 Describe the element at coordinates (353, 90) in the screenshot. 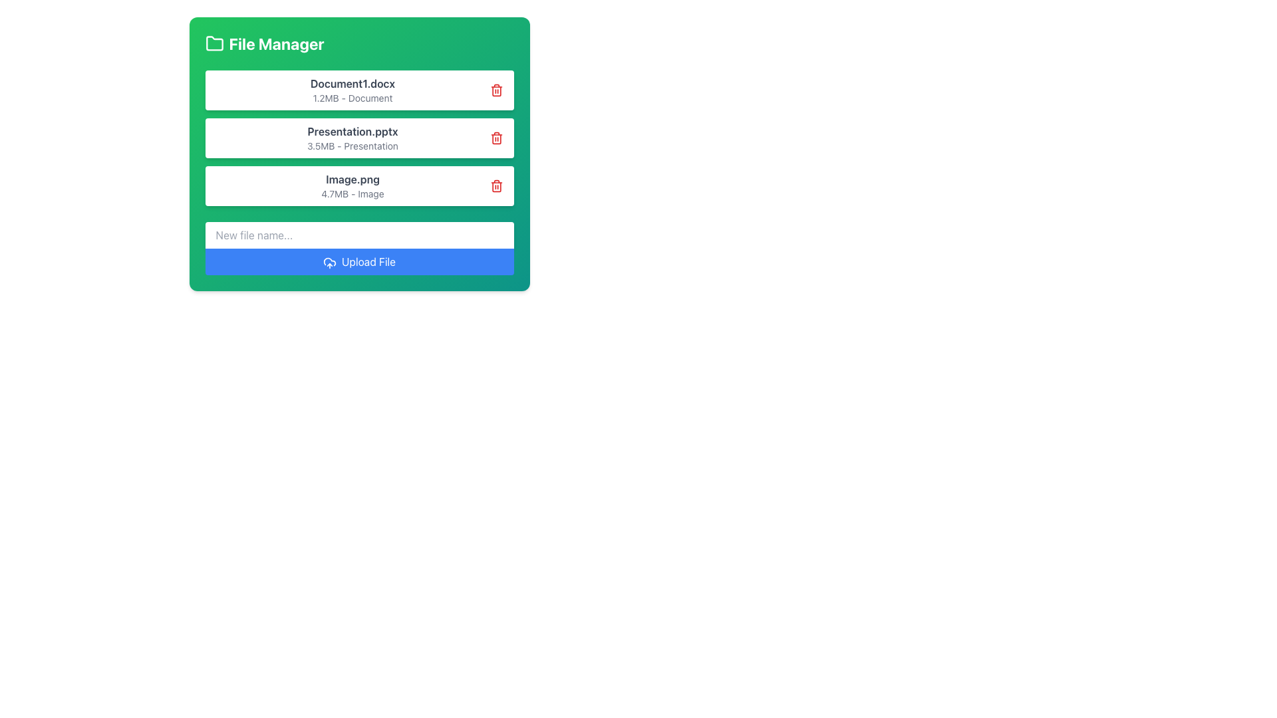

I see `the text label displaying the file name 'Document1.docx' at the top of the file manager list` at that location.